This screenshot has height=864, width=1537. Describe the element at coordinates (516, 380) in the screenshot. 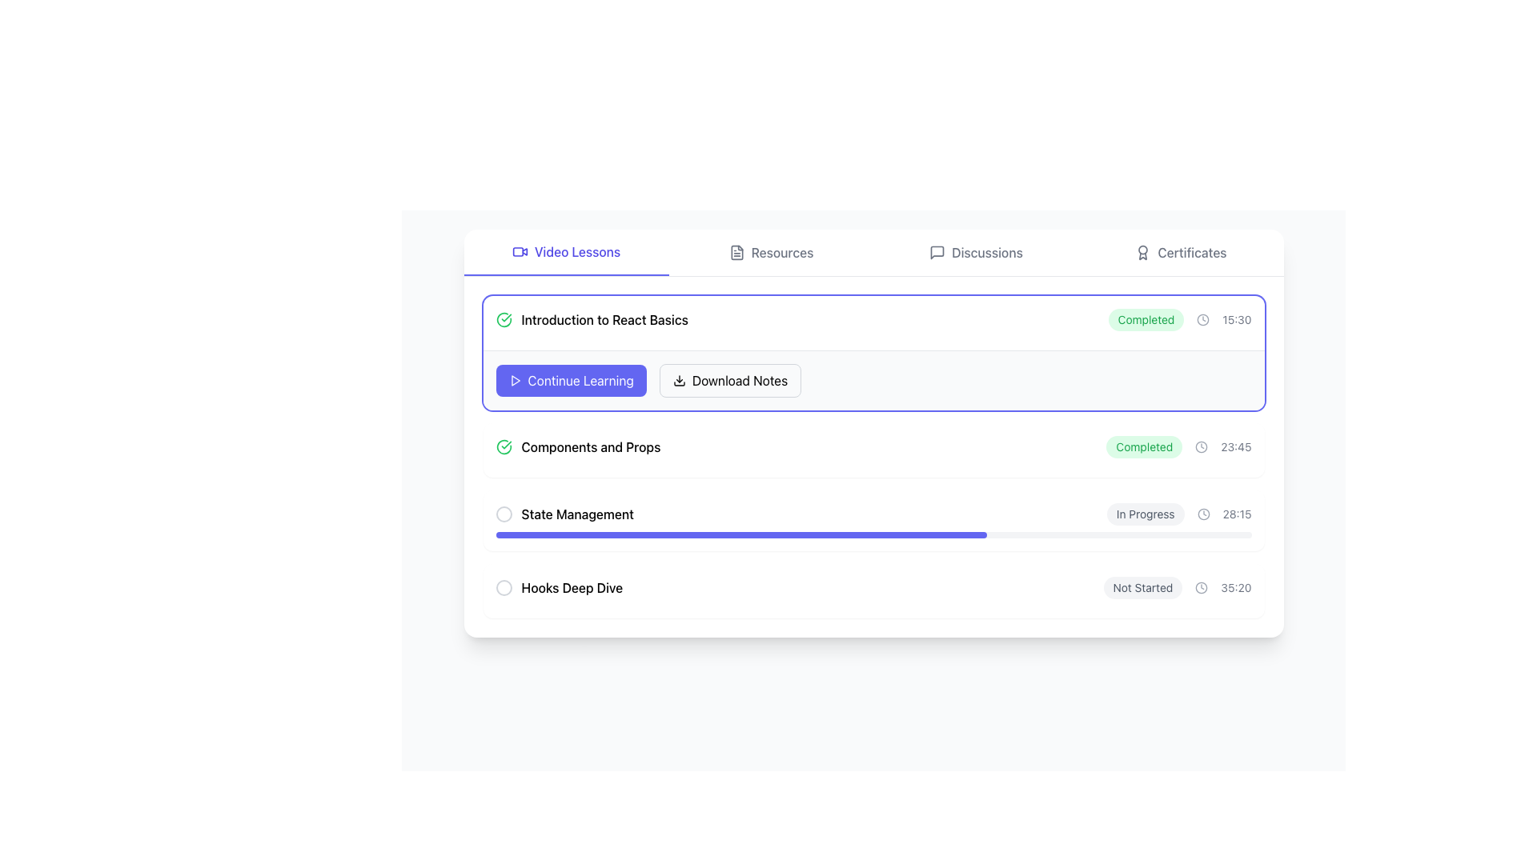

I see `the triangular-shaped play icon within the 'Continue Learning' button, which is styled in a purple-blue color scheme` at that location.